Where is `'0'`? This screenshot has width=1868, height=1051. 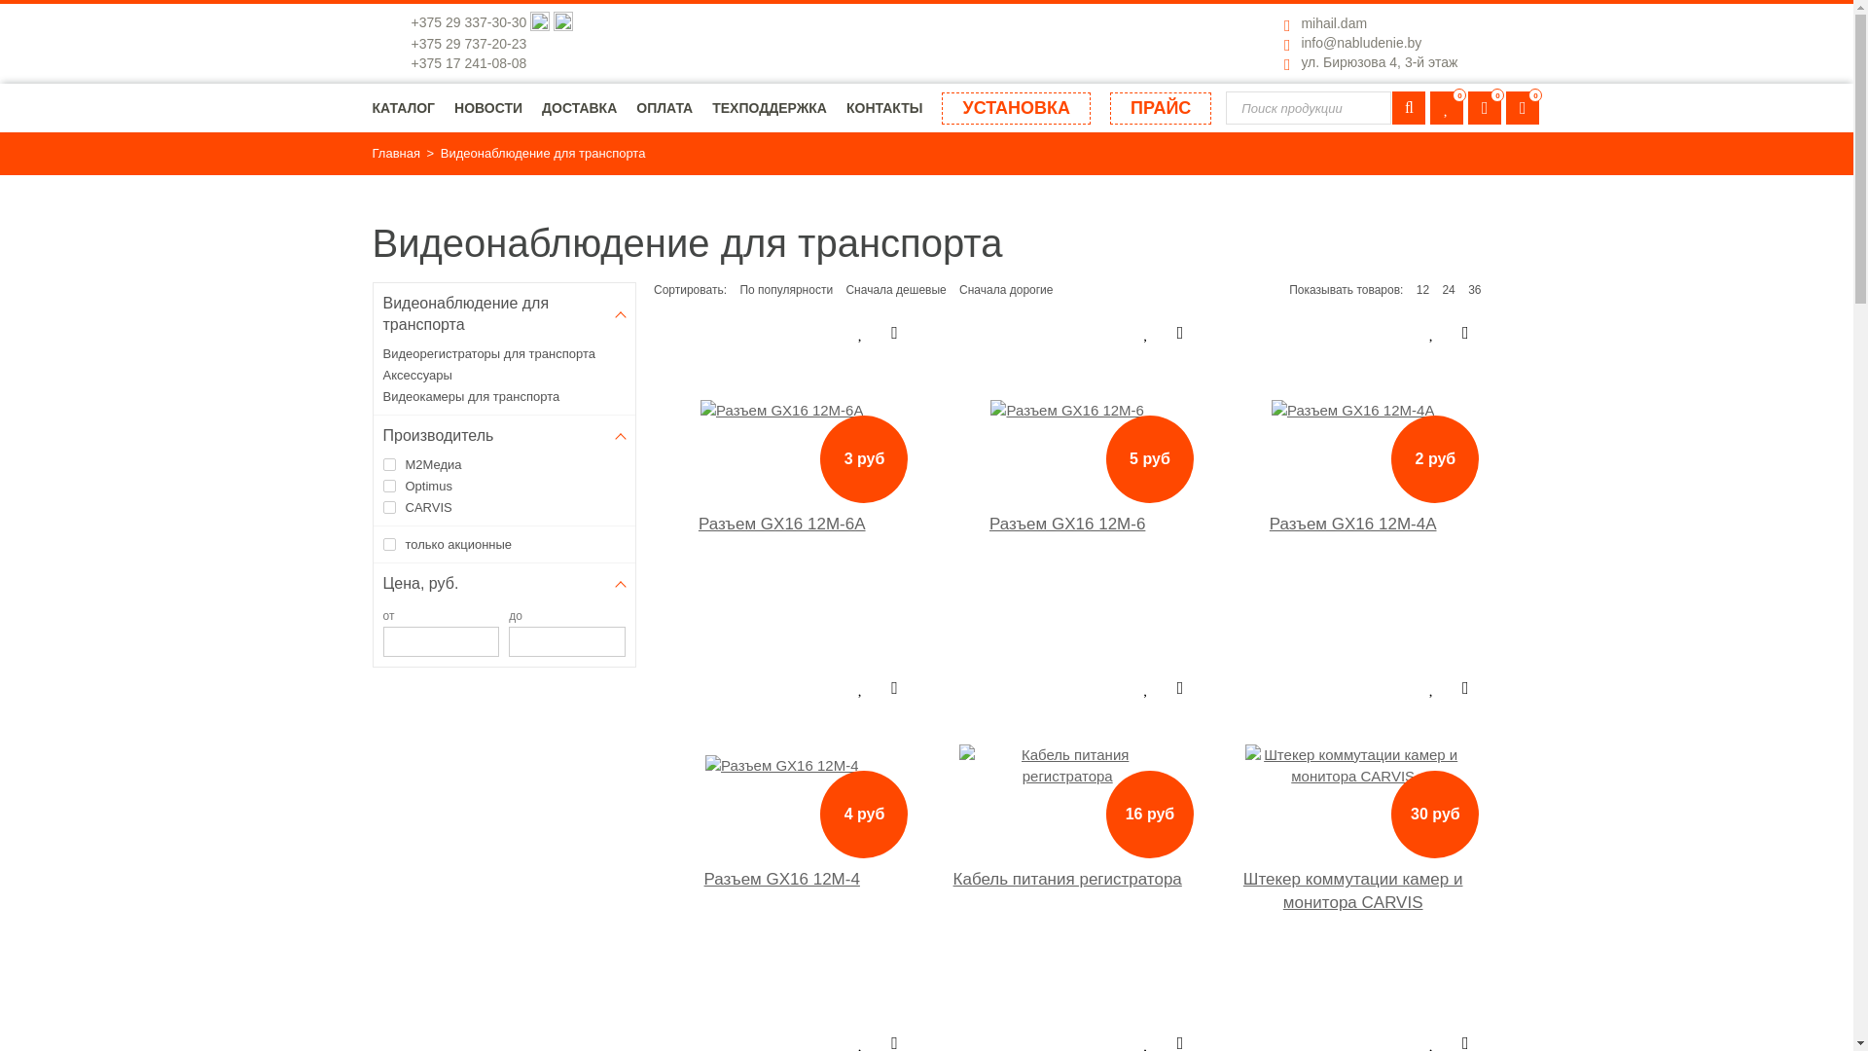
'0' is located at coordinates (1447, 108).